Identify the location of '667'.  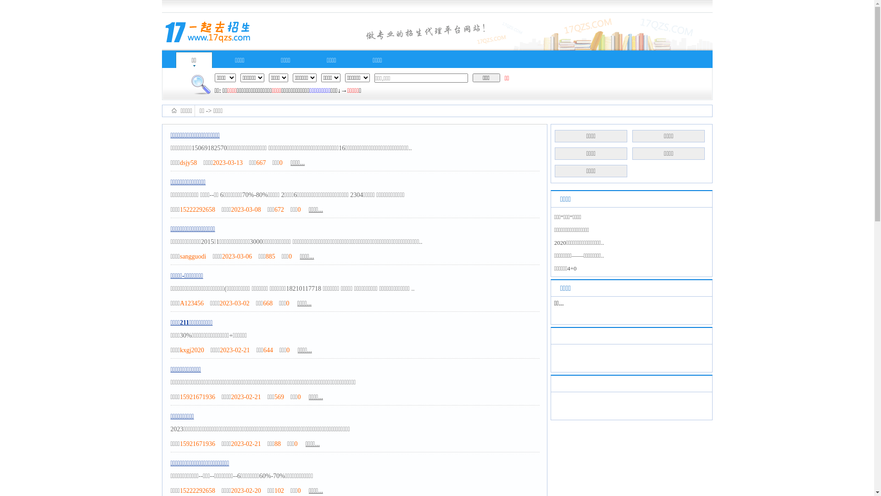
(260, 162).